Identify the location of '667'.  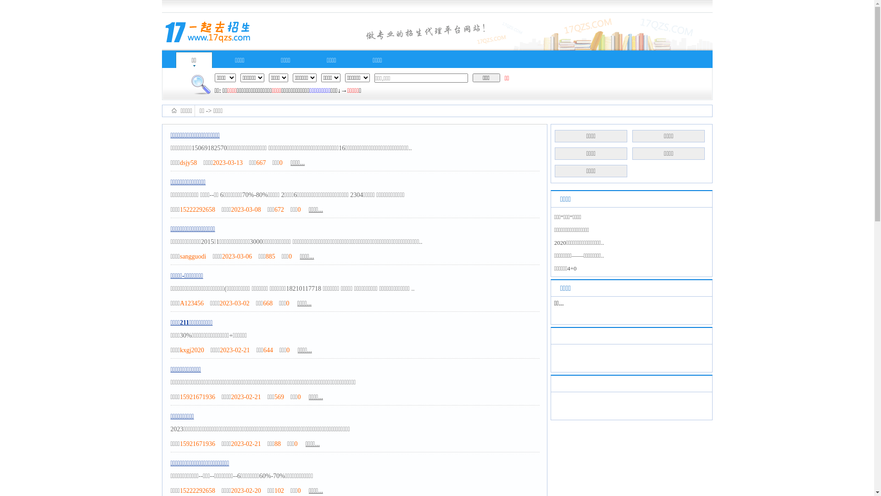
(260, 162).